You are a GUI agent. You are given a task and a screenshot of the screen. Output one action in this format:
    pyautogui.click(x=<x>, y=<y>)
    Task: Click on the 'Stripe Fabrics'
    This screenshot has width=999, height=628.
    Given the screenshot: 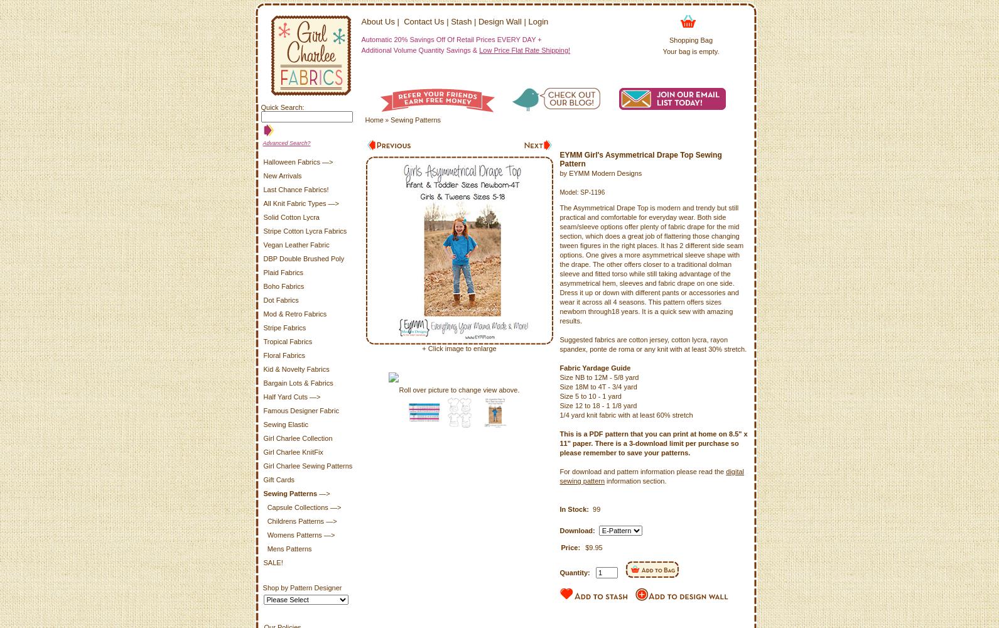 What is the action you would take?
    pyautogui.click(x=263, y=328)
    